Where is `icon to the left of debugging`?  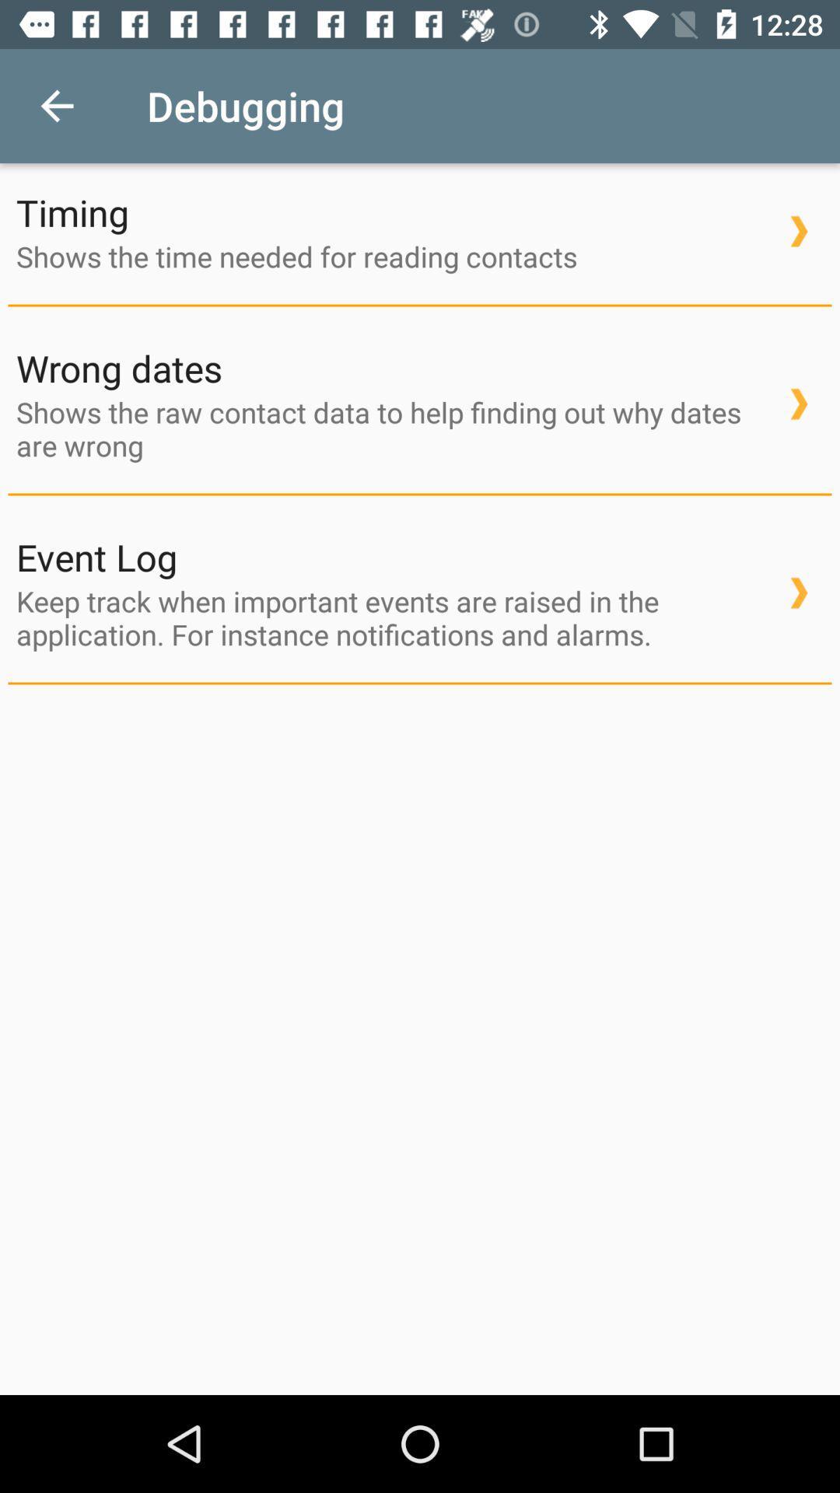 icon to the left of debugging is located at coordinates (56, 105).